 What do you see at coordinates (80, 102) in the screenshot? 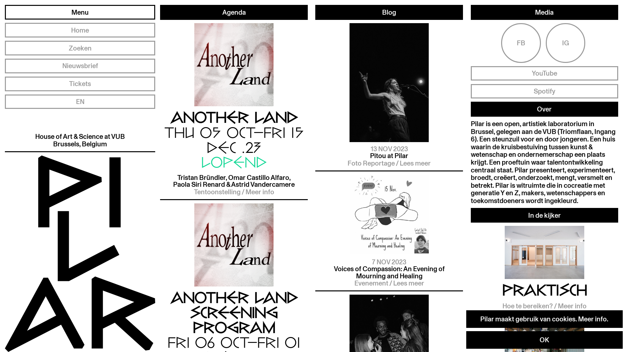
I see `'EN'` at bounding box center [80, 102].